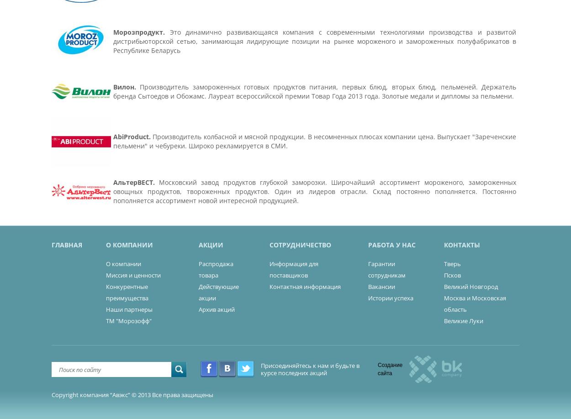 This screenshot has height=419, width=571. I want to click on 'AbiProduct.', so click(132, 136).